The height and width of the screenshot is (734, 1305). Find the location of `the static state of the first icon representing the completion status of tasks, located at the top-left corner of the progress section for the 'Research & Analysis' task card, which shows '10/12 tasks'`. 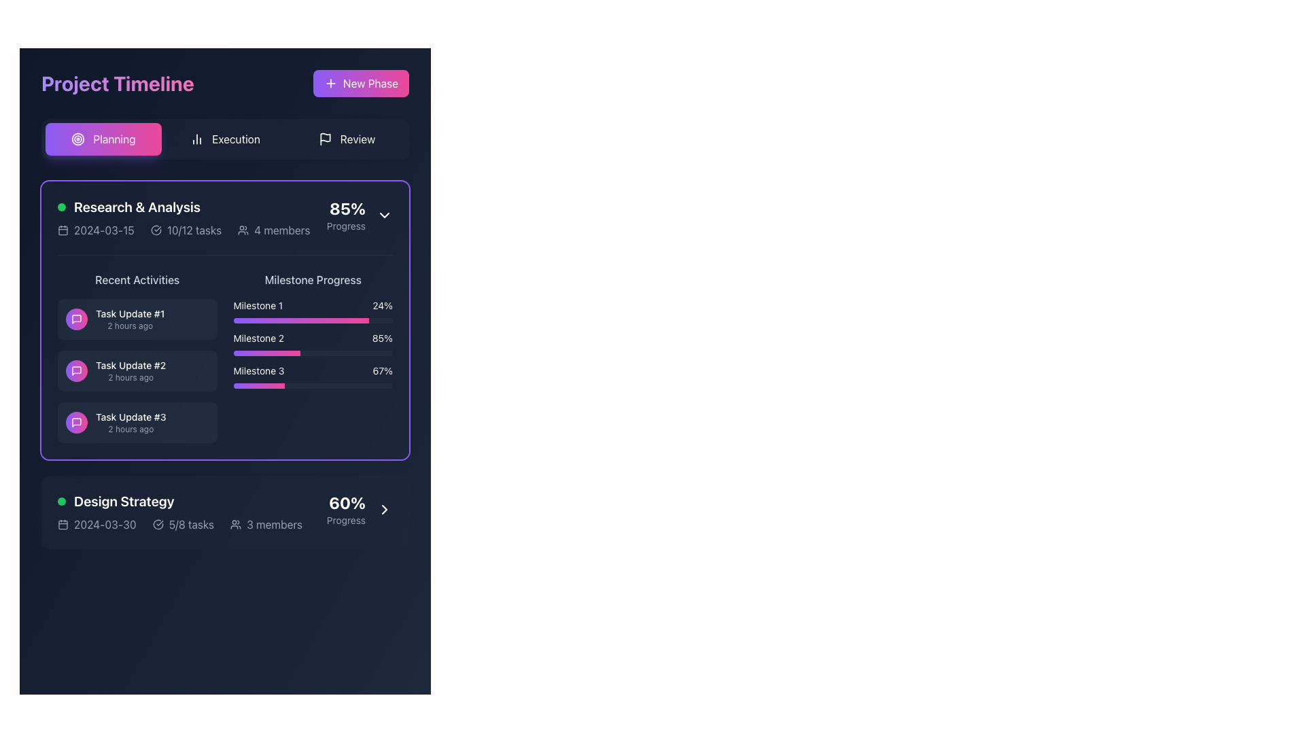

the static state of the first icon representing the completion status of tasks, located at the top-left corner of the progress section for the 'Research & Analysis' task card, which shows '10/12 tasks' is located at coordinates (156, 230).